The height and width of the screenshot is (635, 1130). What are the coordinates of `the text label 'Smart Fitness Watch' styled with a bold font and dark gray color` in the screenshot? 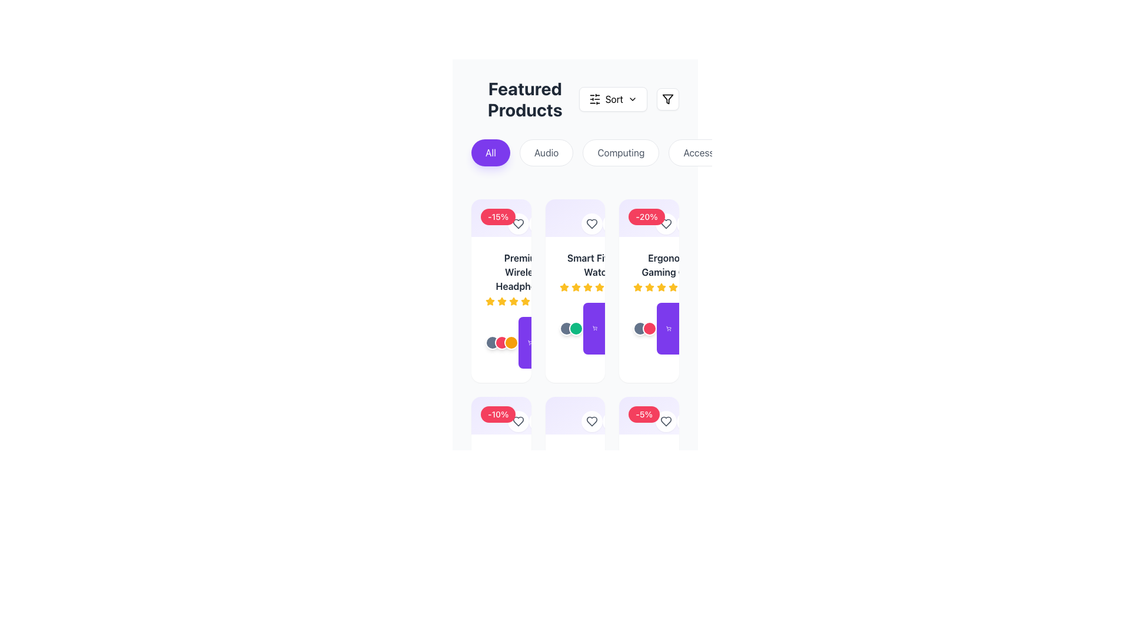 It's located at (598, 265).